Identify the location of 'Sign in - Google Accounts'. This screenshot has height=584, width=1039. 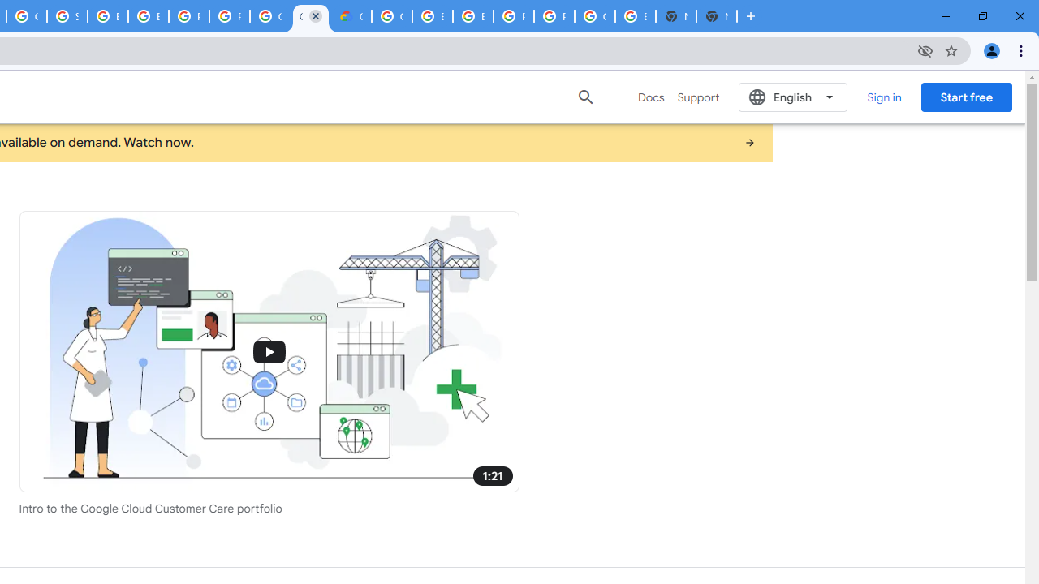
(66, 16).